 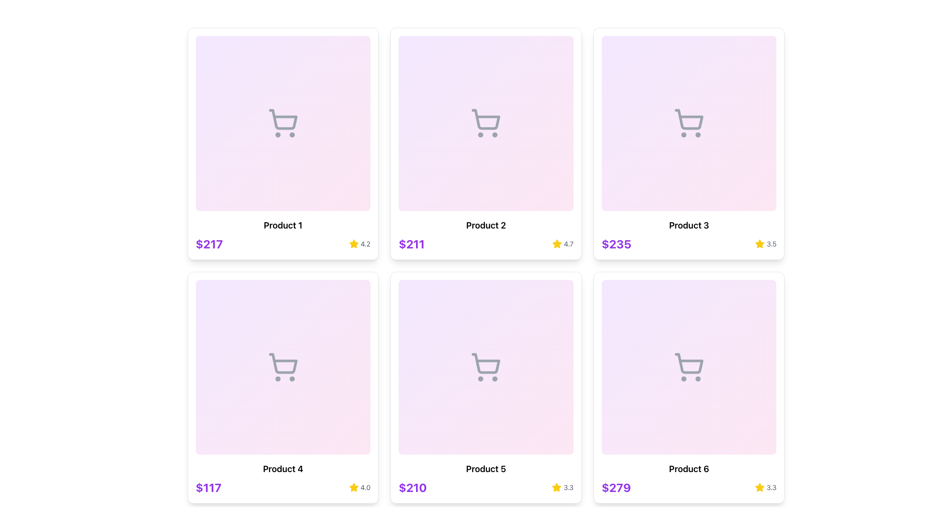 What do you see at coordinates (689, 367) in the screenshot?
I see `the shopping cart icon located in the card labeled 'Product 6' with a price of '$279', positioned in the bottom-right of a 2-row, 3-column grid layout` at bounding box center [689, 367].